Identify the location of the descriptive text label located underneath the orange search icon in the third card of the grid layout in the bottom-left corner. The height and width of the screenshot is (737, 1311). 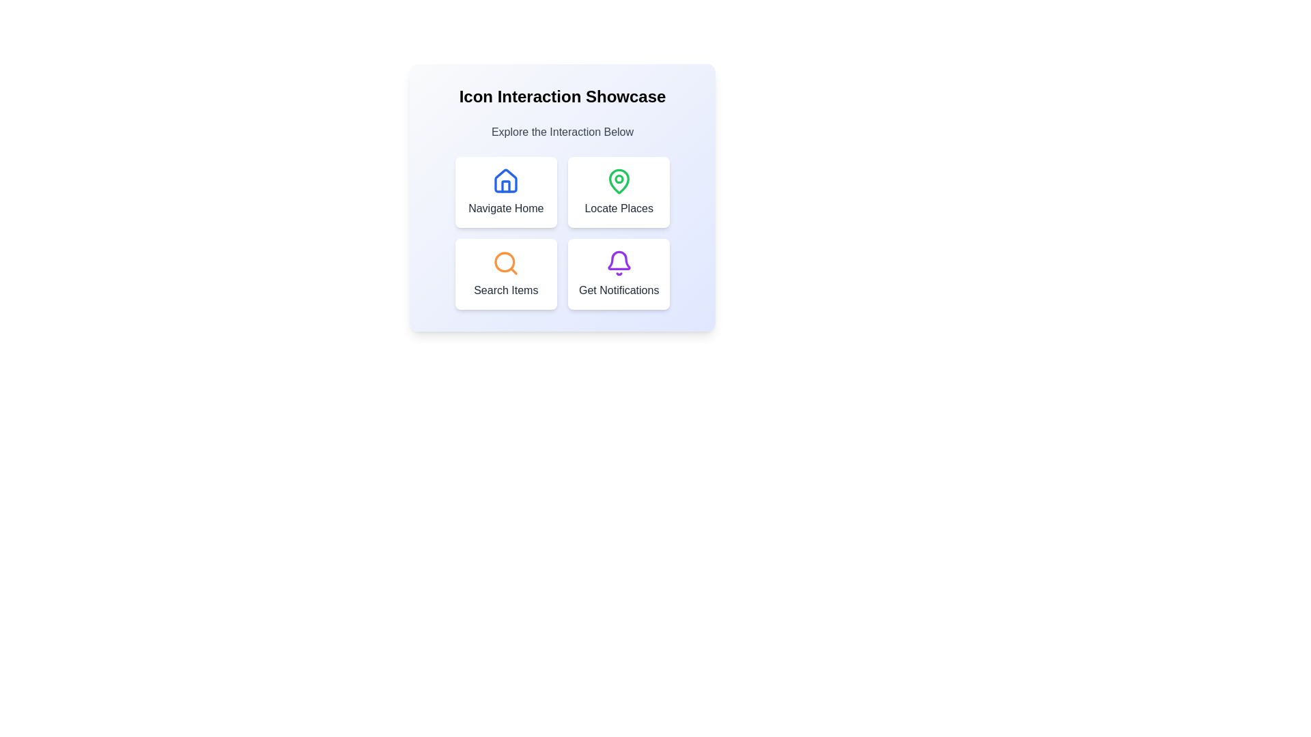
(505, 289).